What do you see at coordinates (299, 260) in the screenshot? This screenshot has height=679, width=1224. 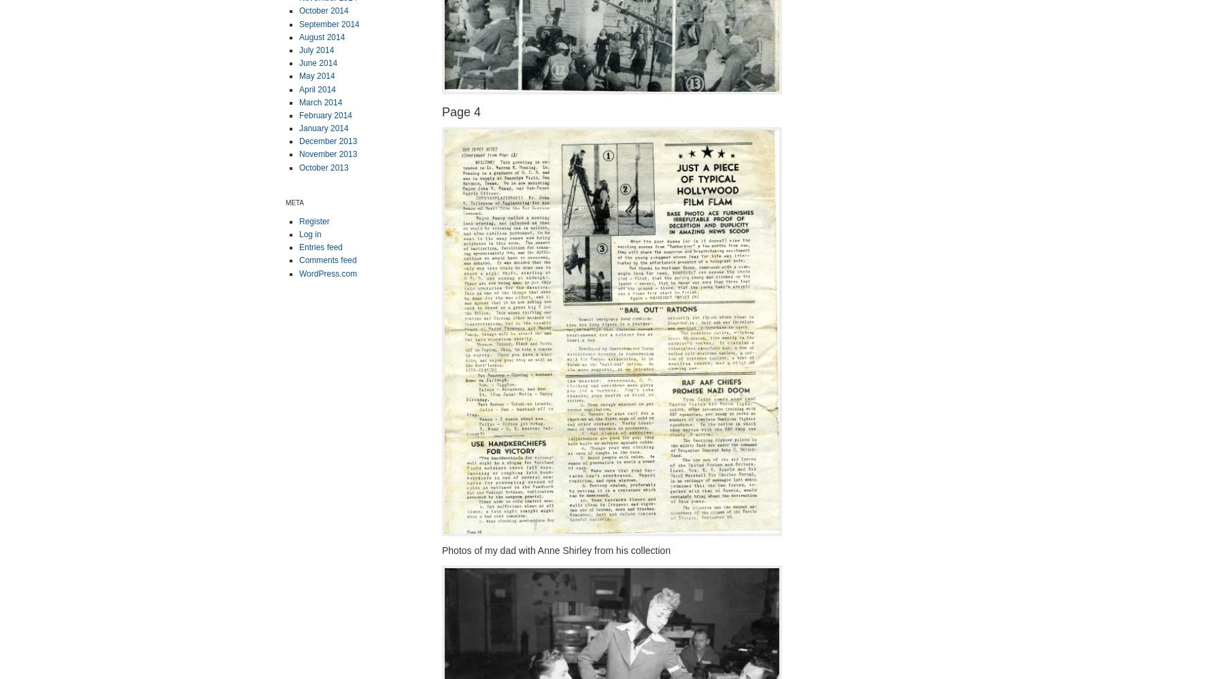 I see `'Comments feed'` at bounding box center [299, 260].